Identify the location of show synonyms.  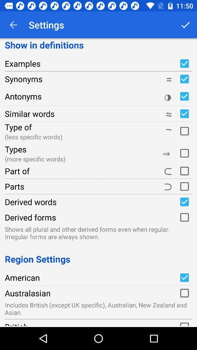
(184, 79).